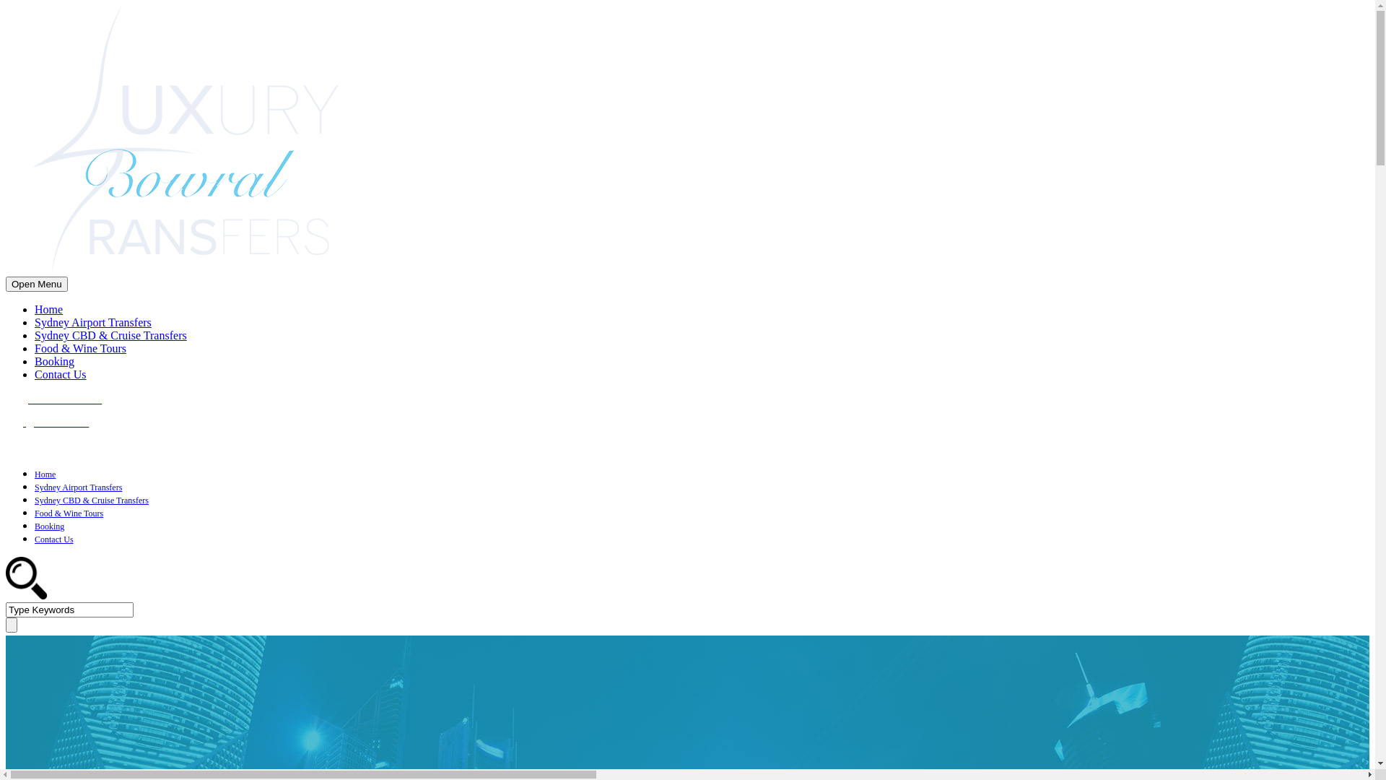 Image resolution: width=1386 pixels, height=780 pixels. I want to click on 'Sydney Airport Transfers', so click(92, 321).